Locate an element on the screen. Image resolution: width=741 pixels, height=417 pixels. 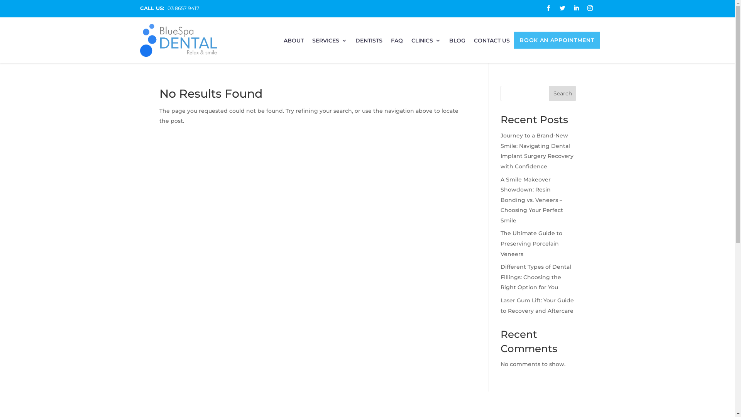
'DENTISTS' is located at coordinates (368, 43).